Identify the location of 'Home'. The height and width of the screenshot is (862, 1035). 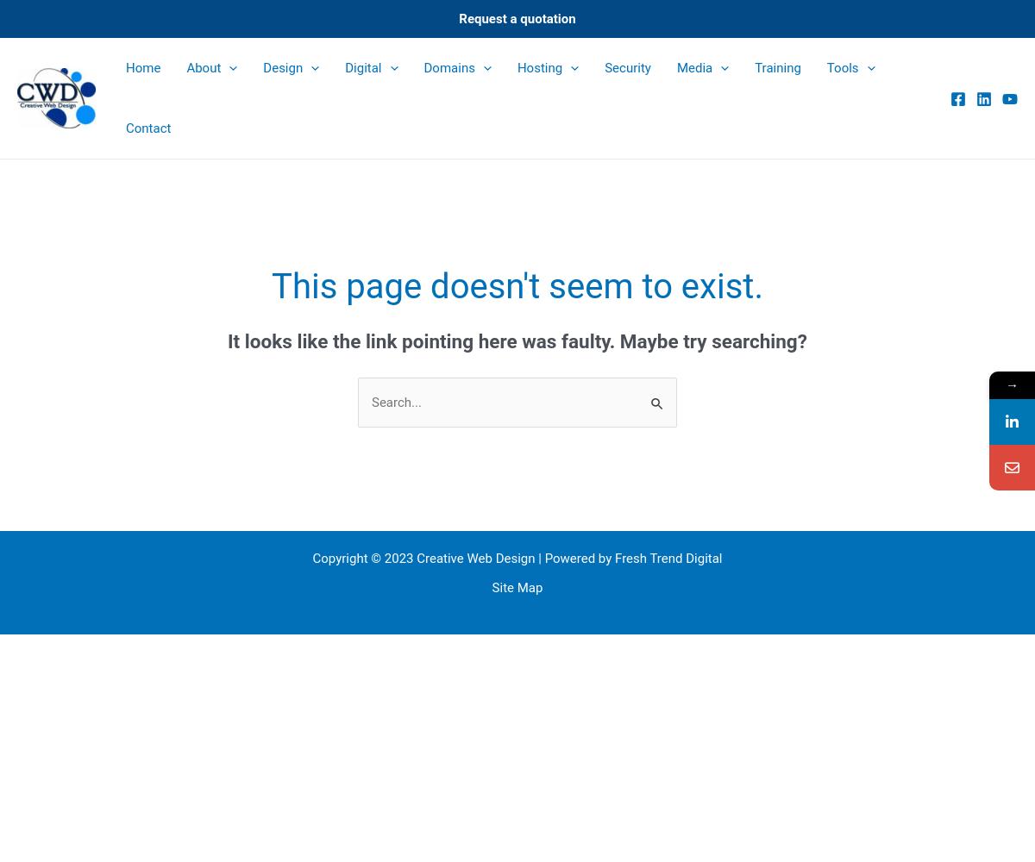
(126, 67).